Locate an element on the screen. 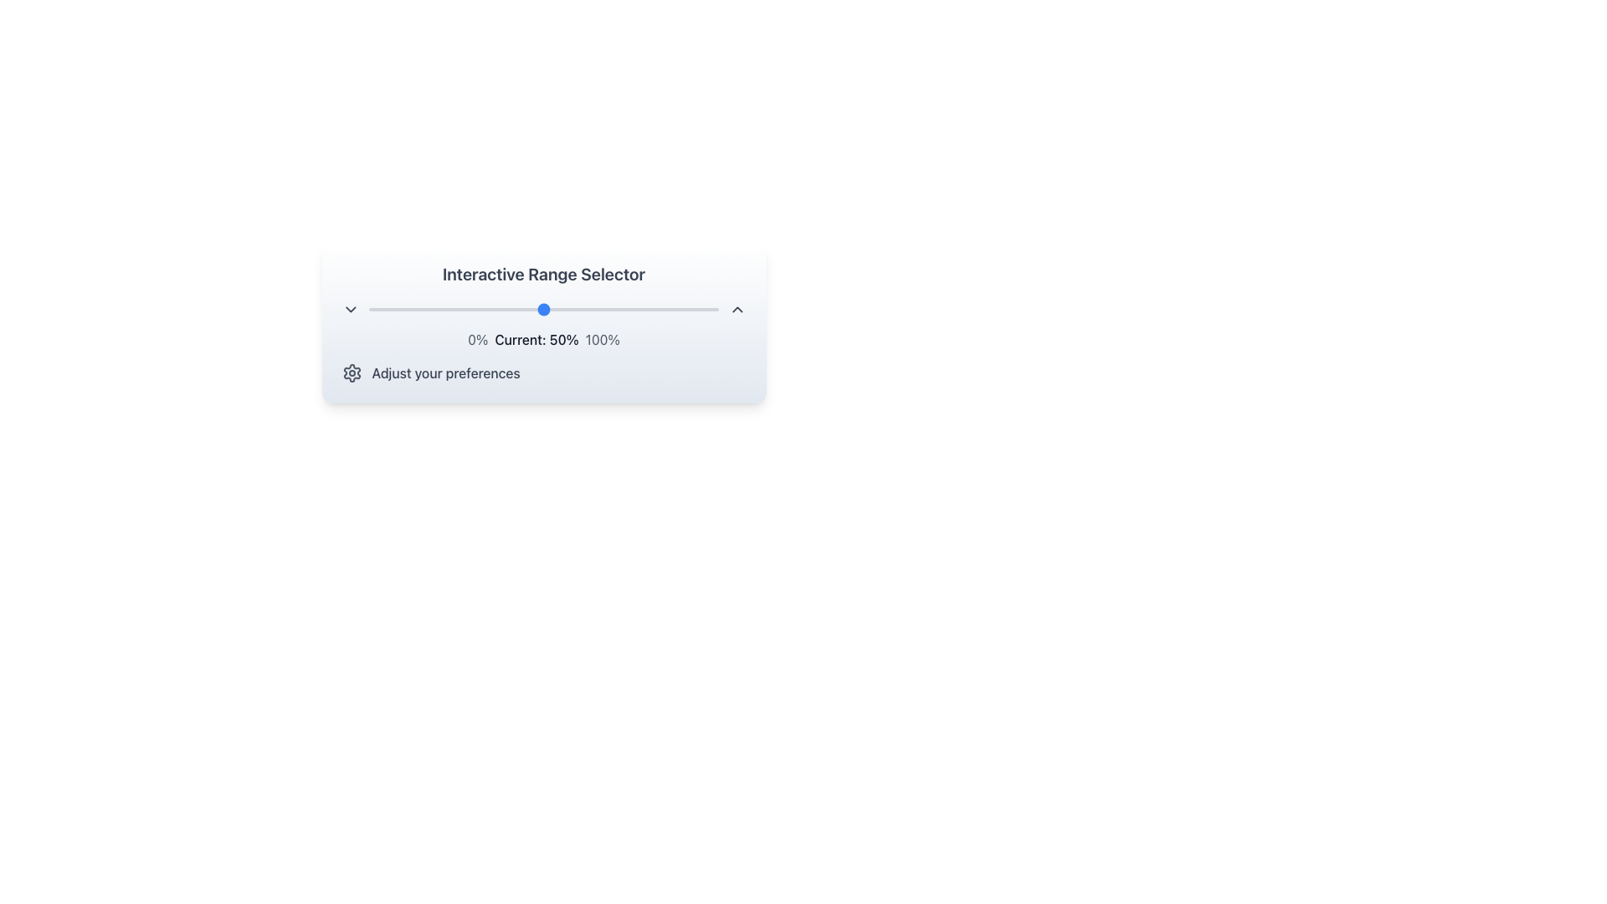 This screenshot has width=1607, height=904. the slider value is located at coordinates (467, 310).